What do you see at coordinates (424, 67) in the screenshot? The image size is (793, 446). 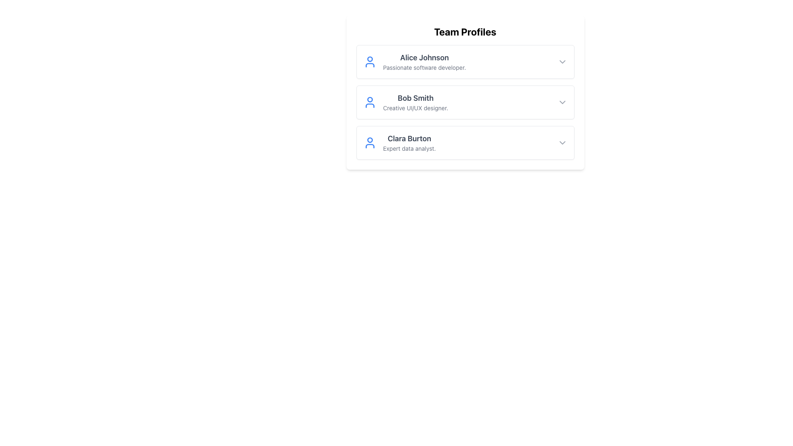 I see `the text label displaying 'Passionate software developer.' which is located directly beneath 'Alice Johnson' in the Team Profiles section` at bounding box center [424, 67].